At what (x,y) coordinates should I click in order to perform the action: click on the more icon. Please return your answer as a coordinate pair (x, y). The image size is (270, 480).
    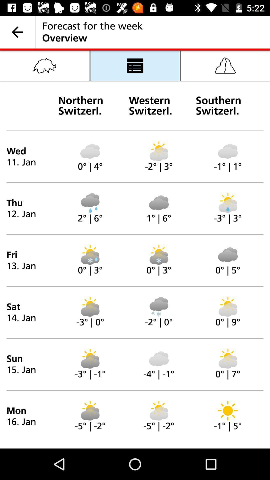
    Looking at the image, I should click on (135, 65).